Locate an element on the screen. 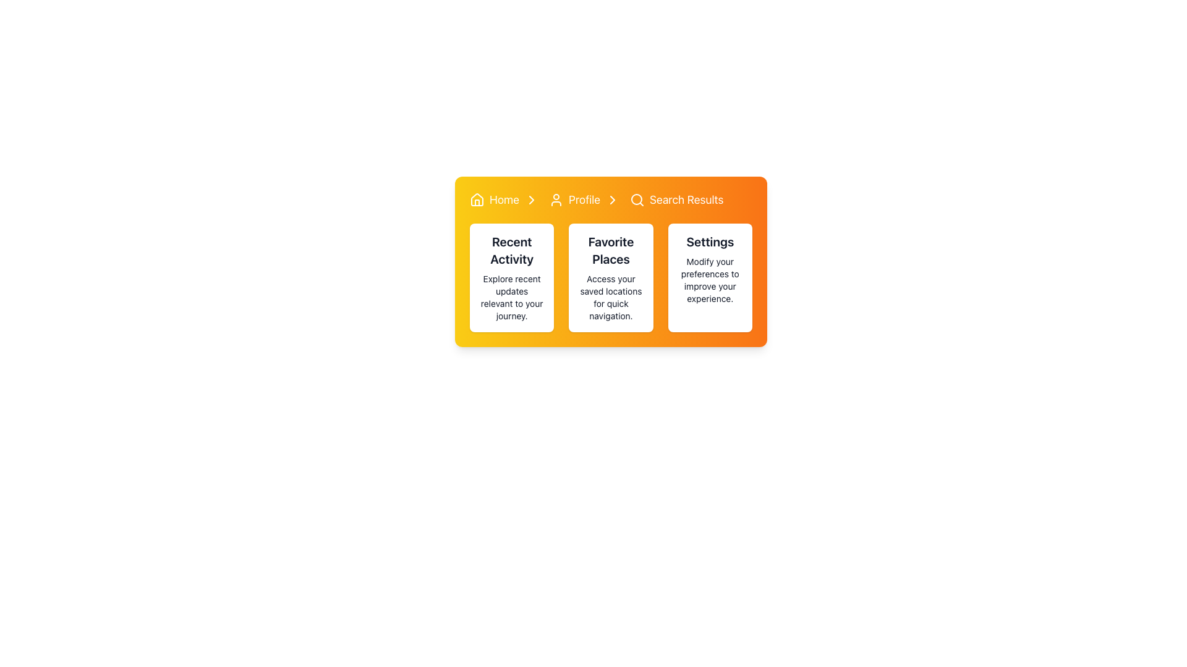  the descriptive Static Text element located within the 'Settings' card, positioned below the headline 'Settings' is located at coordinates (710, 280).